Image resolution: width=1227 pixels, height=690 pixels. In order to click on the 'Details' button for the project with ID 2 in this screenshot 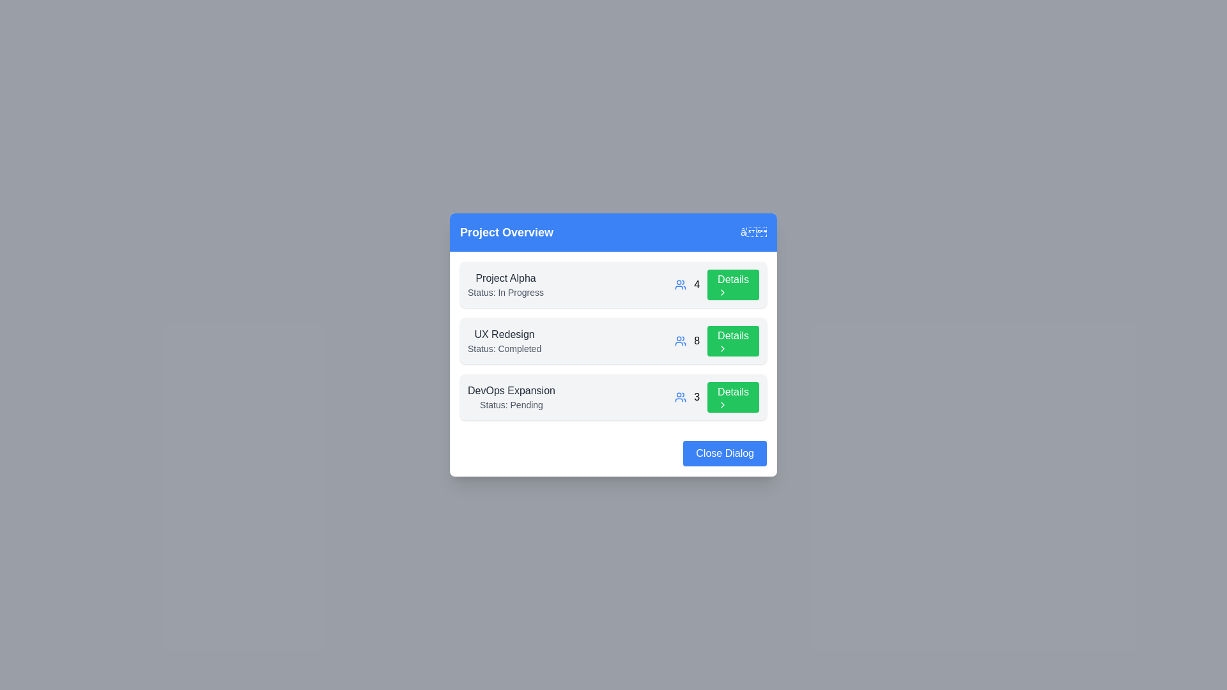, I will do `click(733, 340)`.